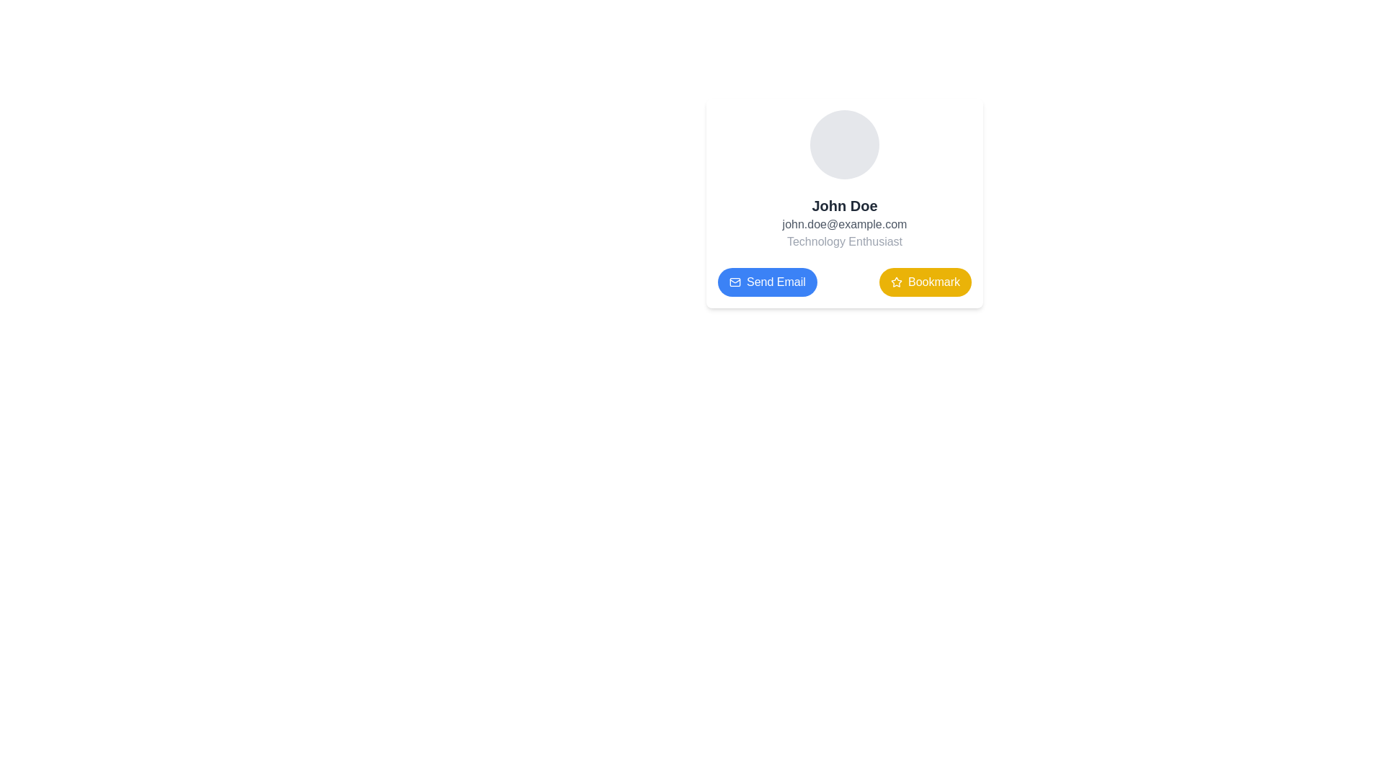 The image size is (1384, 778). What do you see at coordinates (844, 241) in the screenshot?
I see `the static text label indicating the user's profession as 'Technology Enthusiast', positioned below the email address and above the action buttons` at bounding box center [844, 241].